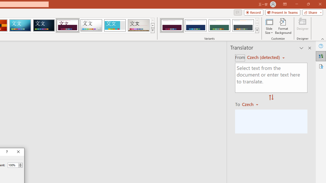 The height and width of the screenshot is (183, 326). I want to click on 'Share', so click(311, 12).